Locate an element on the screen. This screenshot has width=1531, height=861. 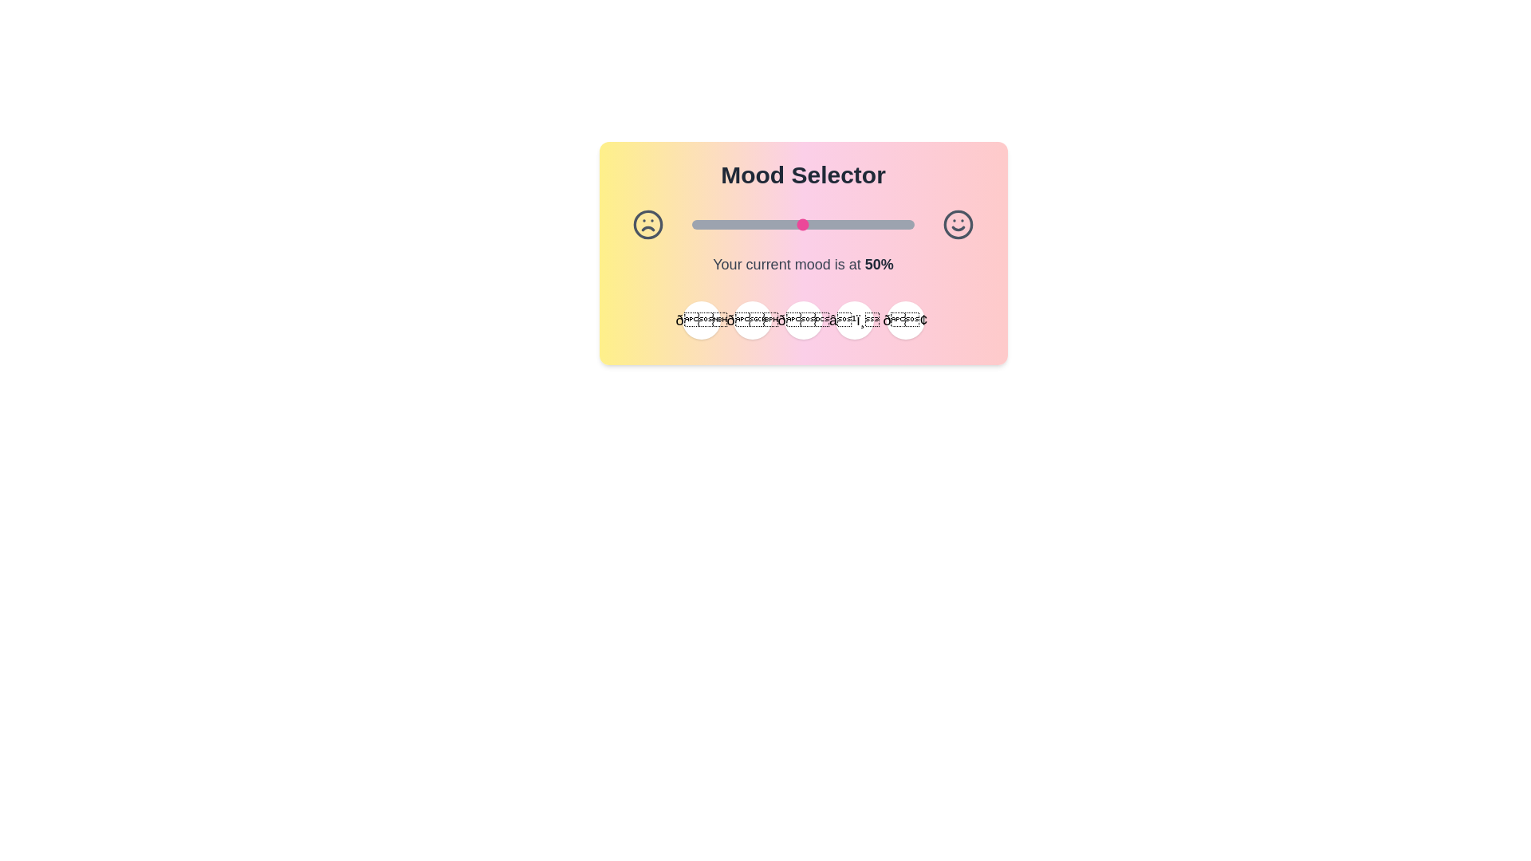
the mood slider to 59% is located at coordinates (823, 224).